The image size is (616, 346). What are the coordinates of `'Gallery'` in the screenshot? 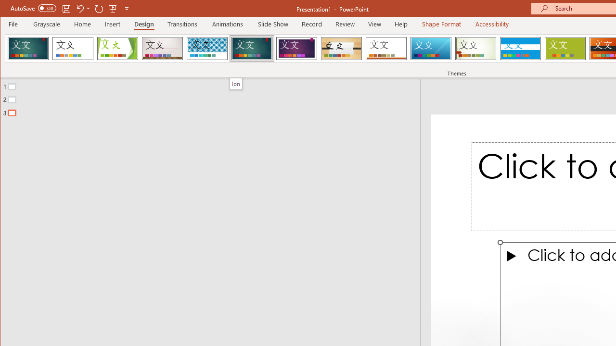 It's located at (162, 48).